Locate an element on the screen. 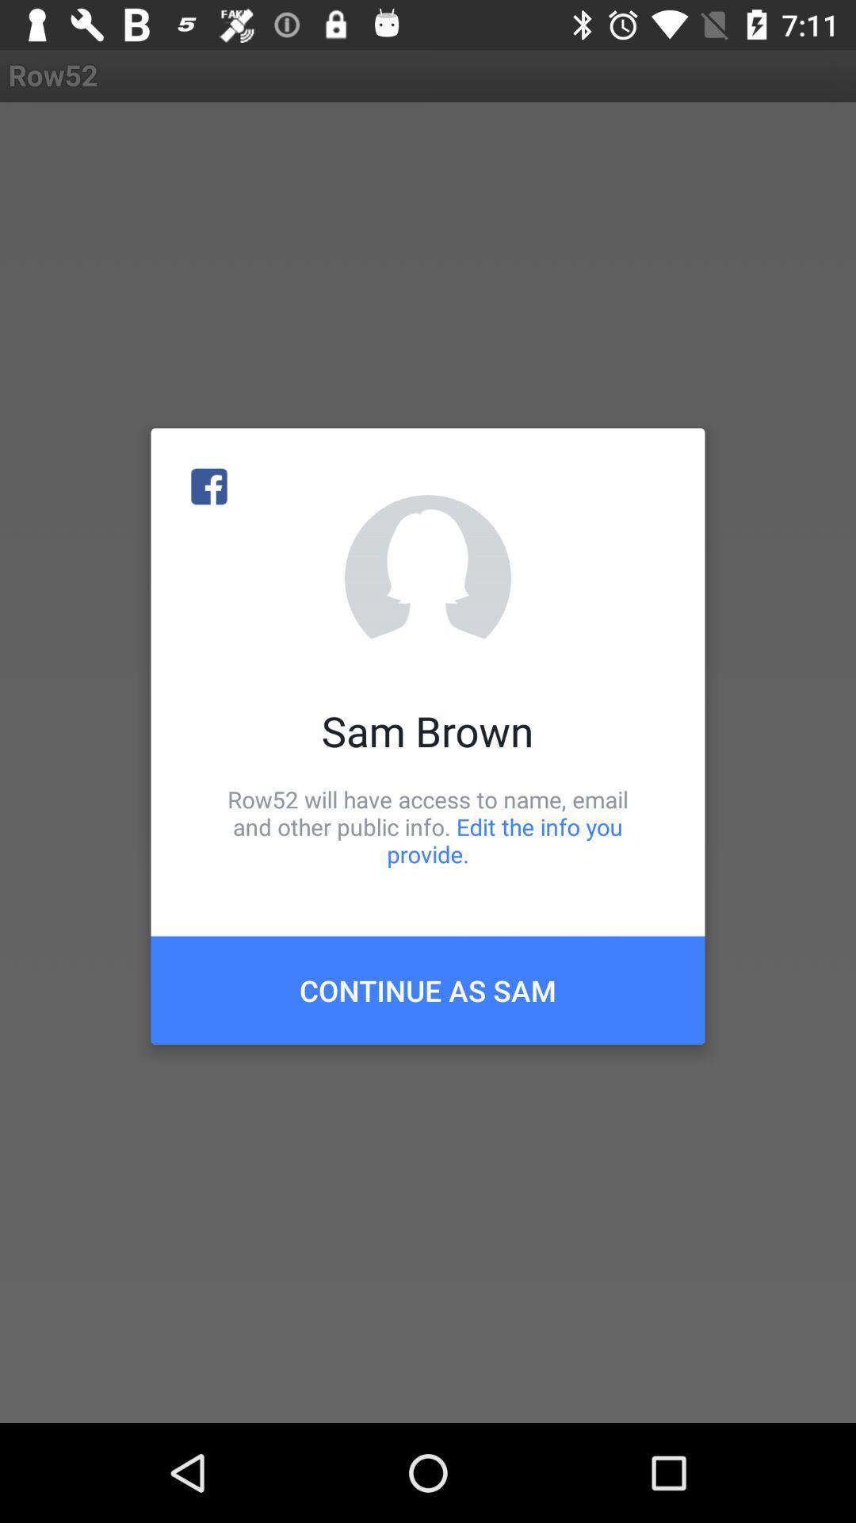 The width and height of the screenshot is (856, 1523). the item below sam brown item is located at coordinates (428, 826).